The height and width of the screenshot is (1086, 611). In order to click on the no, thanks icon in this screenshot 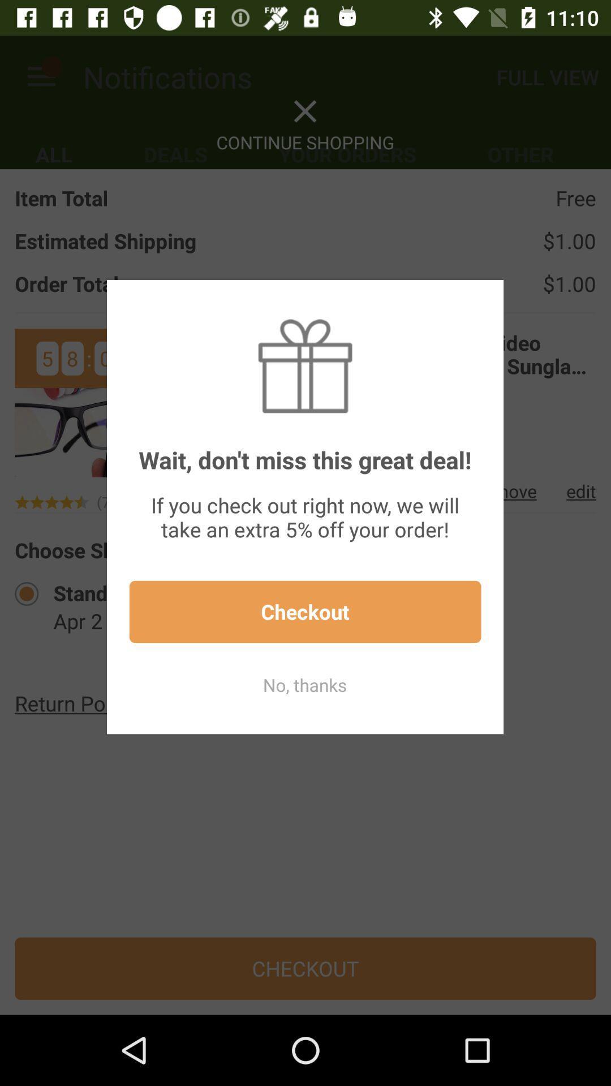, I will do `click(304, 684)`.